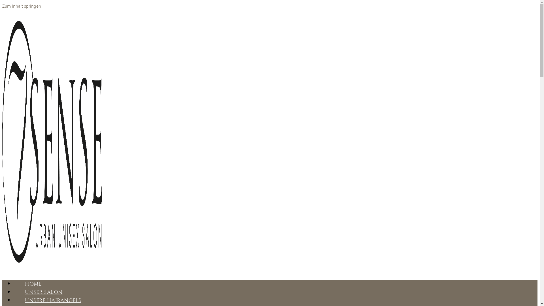  I want to click on 'UNSER SALON', so click(43, 292).